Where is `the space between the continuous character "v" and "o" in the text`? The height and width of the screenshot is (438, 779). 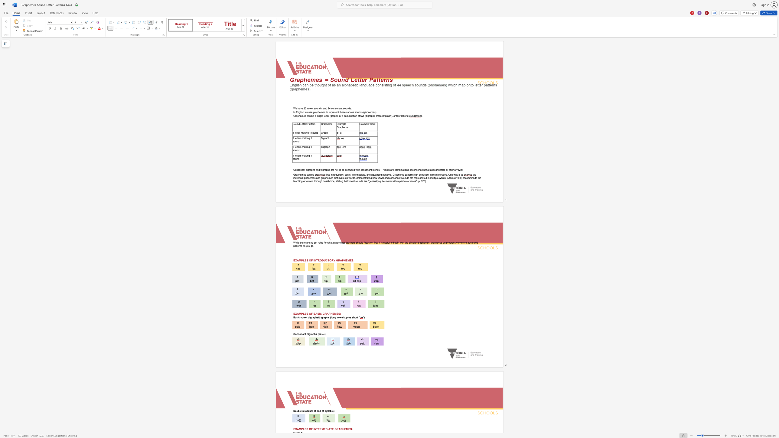
the space between the continuous character "v" and "o" in the text is located at coordinates (308, 108).